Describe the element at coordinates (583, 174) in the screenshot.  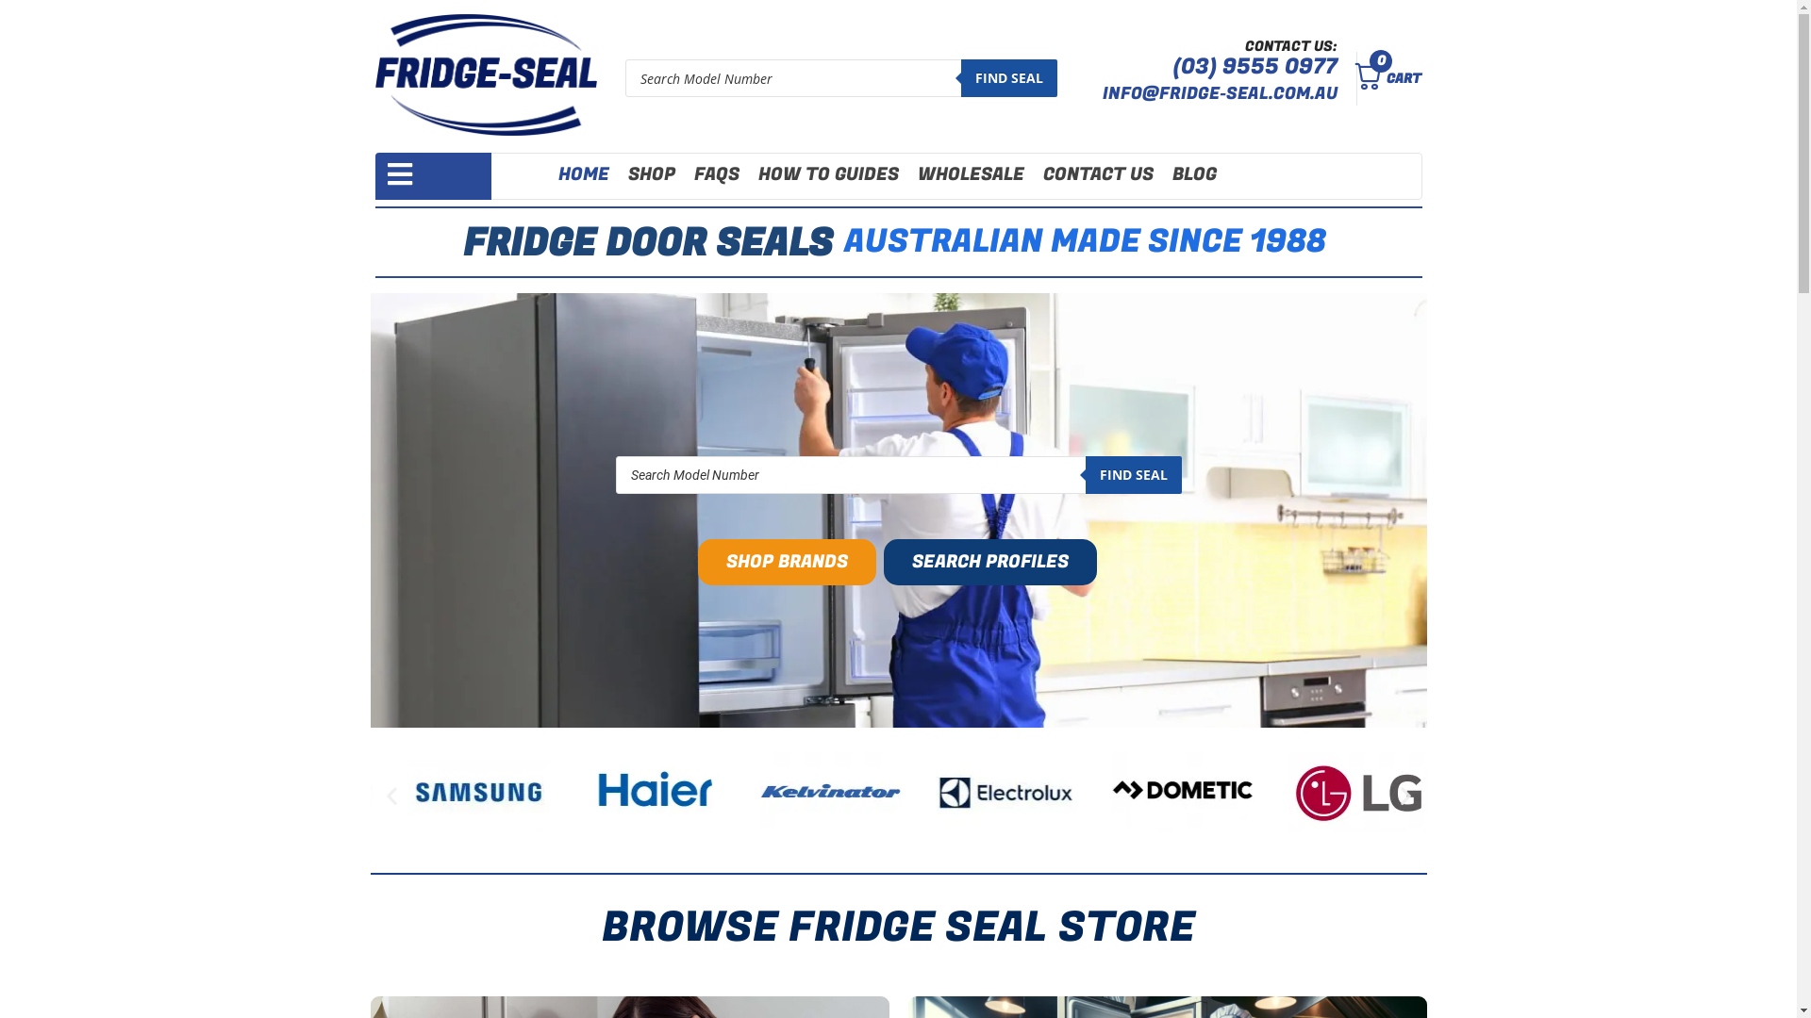
I see `'HOME'` at that location.